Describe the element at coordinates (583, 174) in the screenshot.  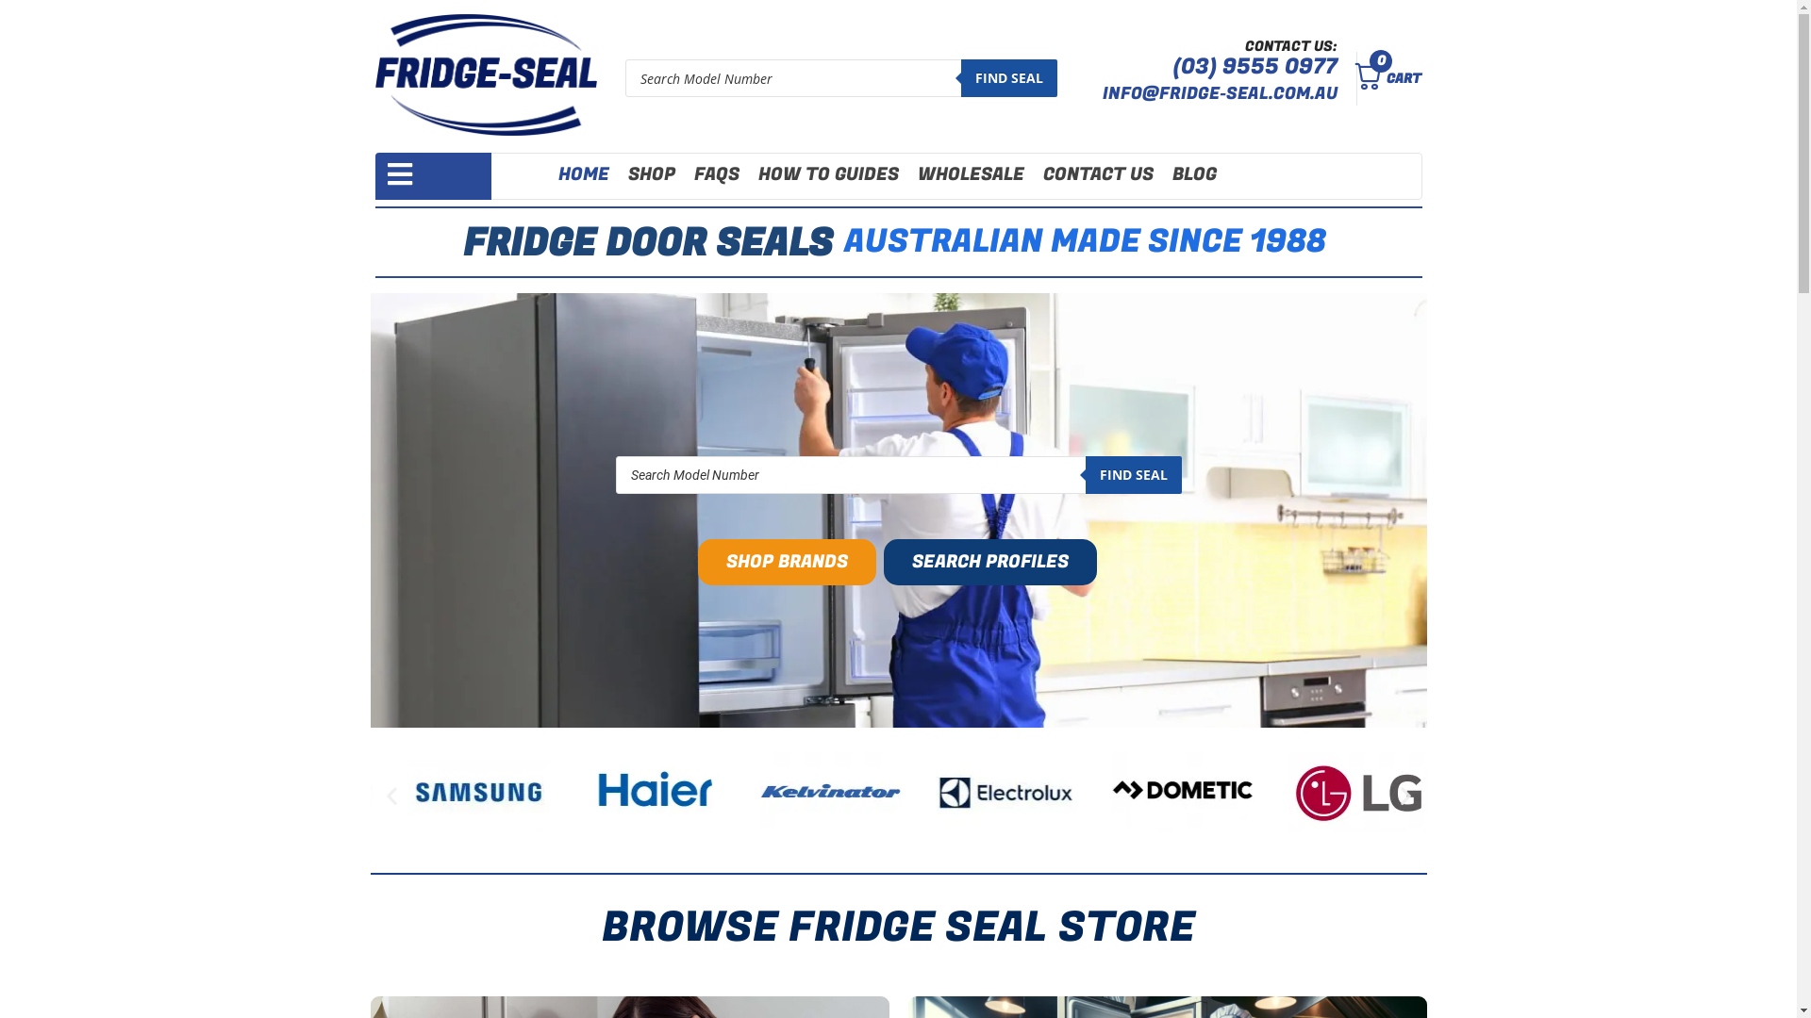
I see `'HOME'` at that location.